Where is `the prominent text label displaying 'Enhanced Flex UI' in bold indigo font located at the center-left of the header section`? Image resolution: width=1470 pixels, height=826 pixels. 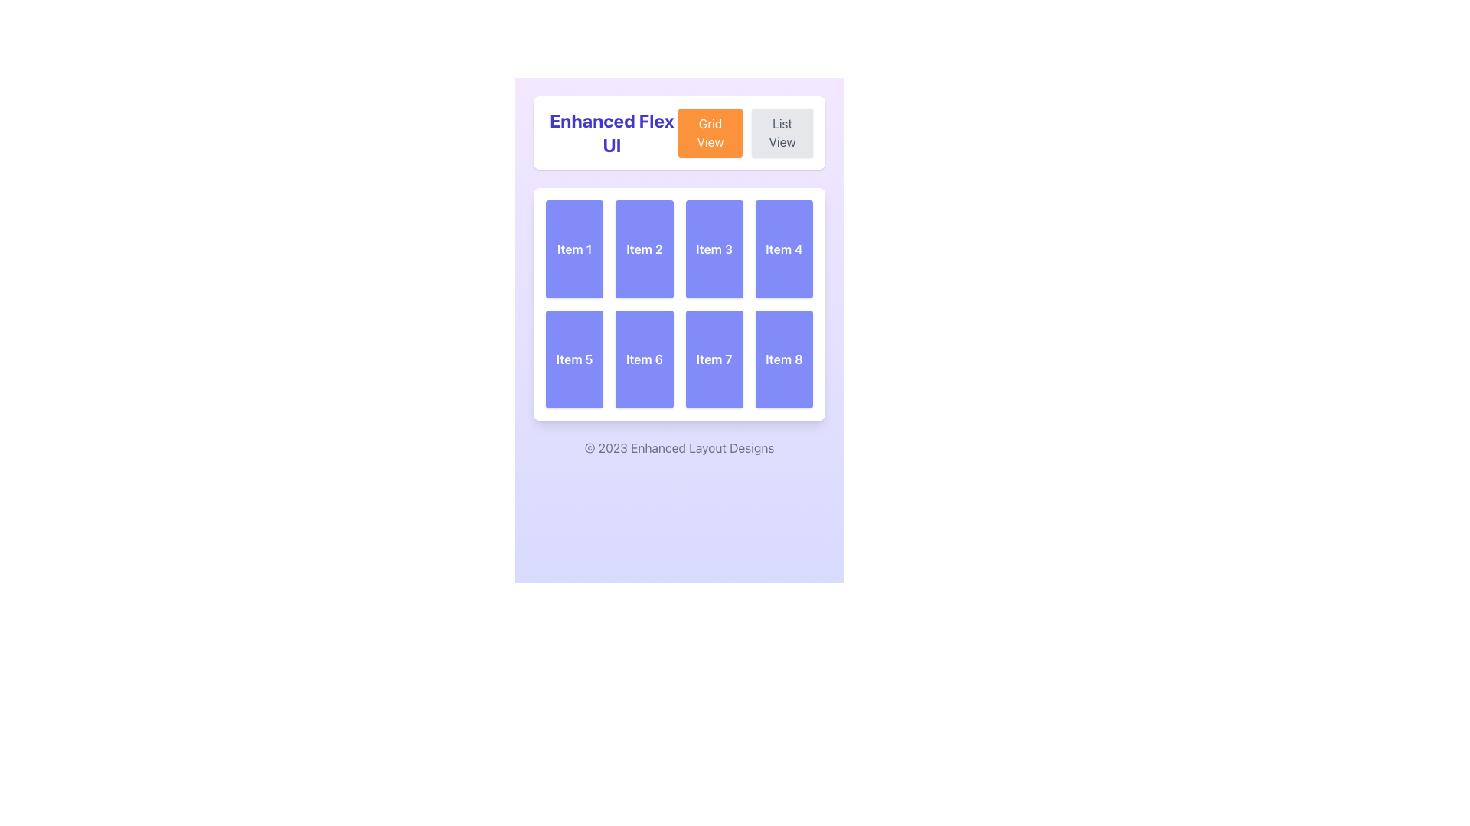
the prominent text label displaying 'Enhanced Flex UI' in bold indigo font located at the center-left of the header section is located at coordinates (611, 132).